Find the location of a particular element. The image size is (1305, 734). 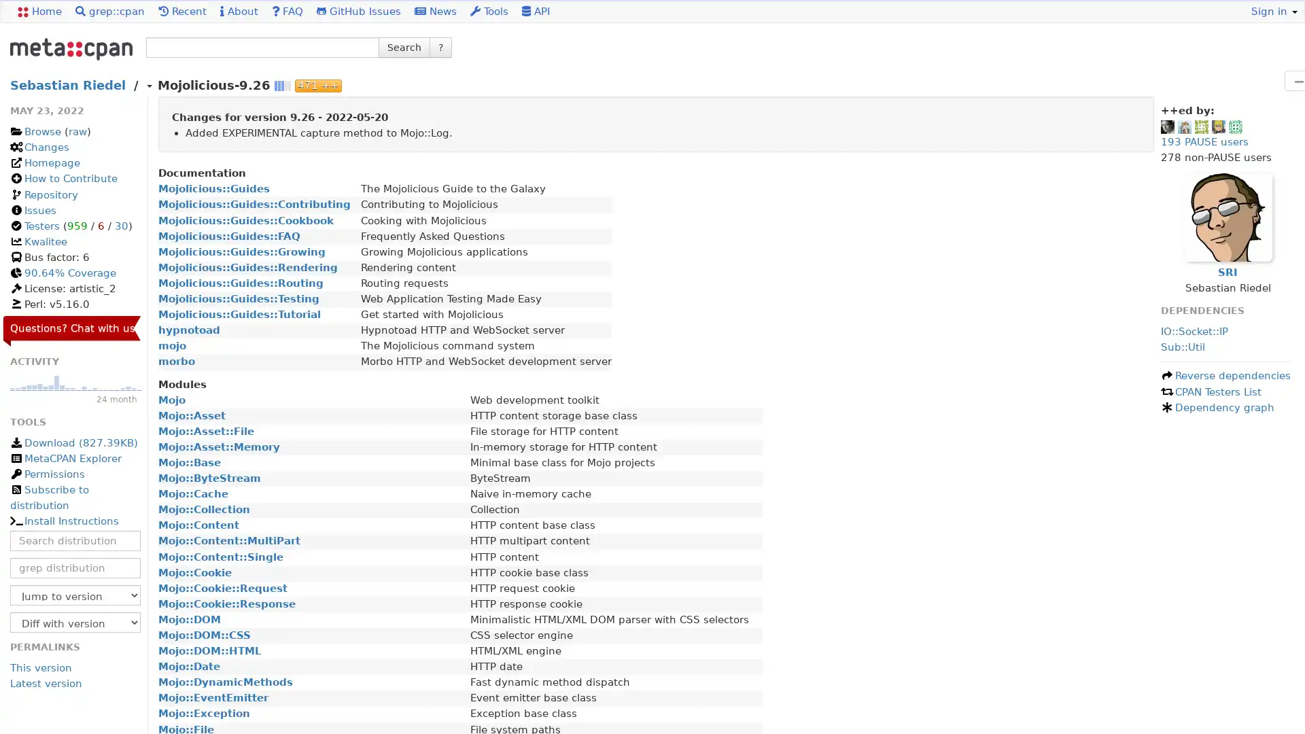

Install Instructions is located at coordinates (63, 521).